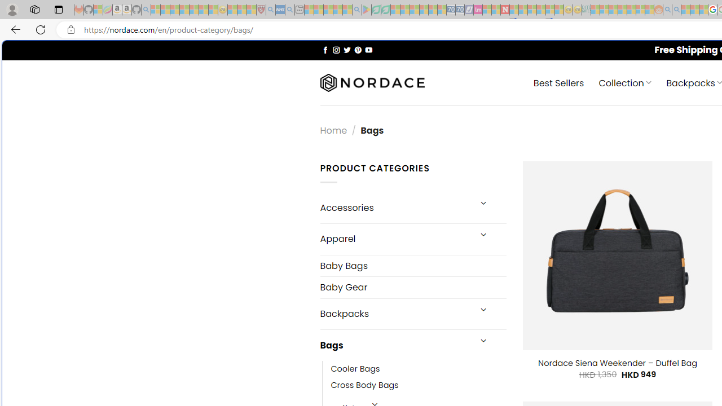  Describe the element at coordinates (412, 286) in the screenshot. I see `'Baby Gear'` at that location.